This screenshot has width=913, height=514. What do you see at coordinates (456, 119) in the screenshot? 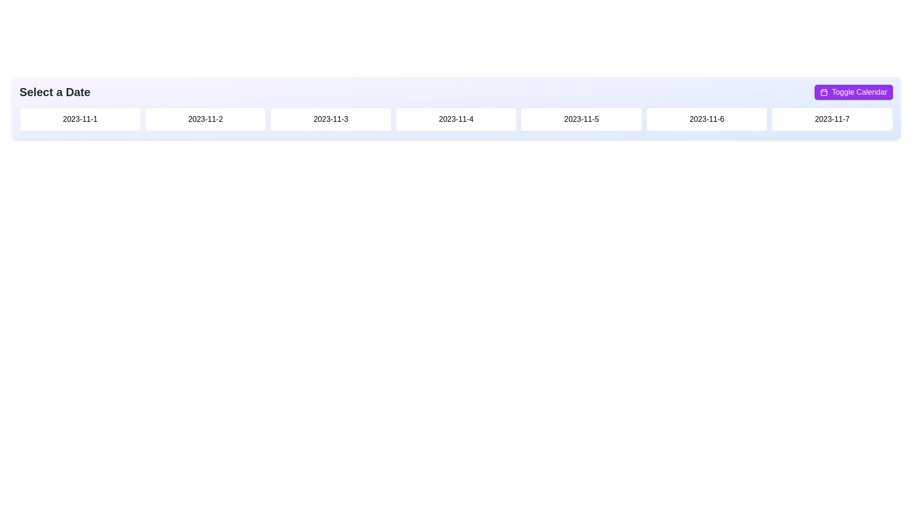
I see `the fourth date tile in the calendar interface` at bounding box center [456, 119].